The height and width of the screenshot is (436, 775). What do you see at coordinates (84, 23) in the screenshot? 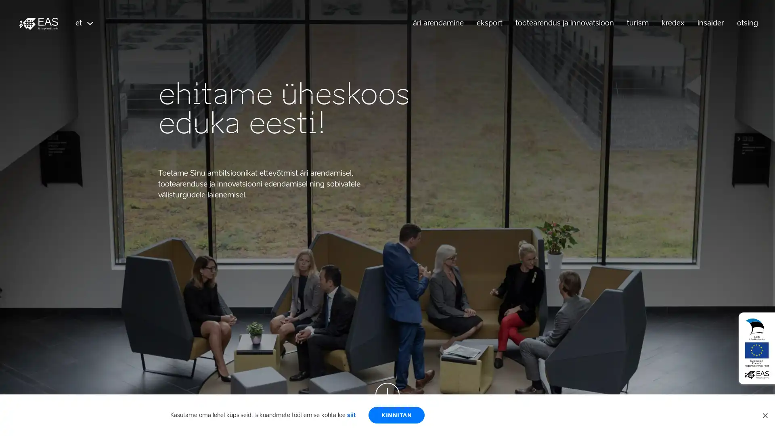
I see `et` at bounding box center [84, 23].